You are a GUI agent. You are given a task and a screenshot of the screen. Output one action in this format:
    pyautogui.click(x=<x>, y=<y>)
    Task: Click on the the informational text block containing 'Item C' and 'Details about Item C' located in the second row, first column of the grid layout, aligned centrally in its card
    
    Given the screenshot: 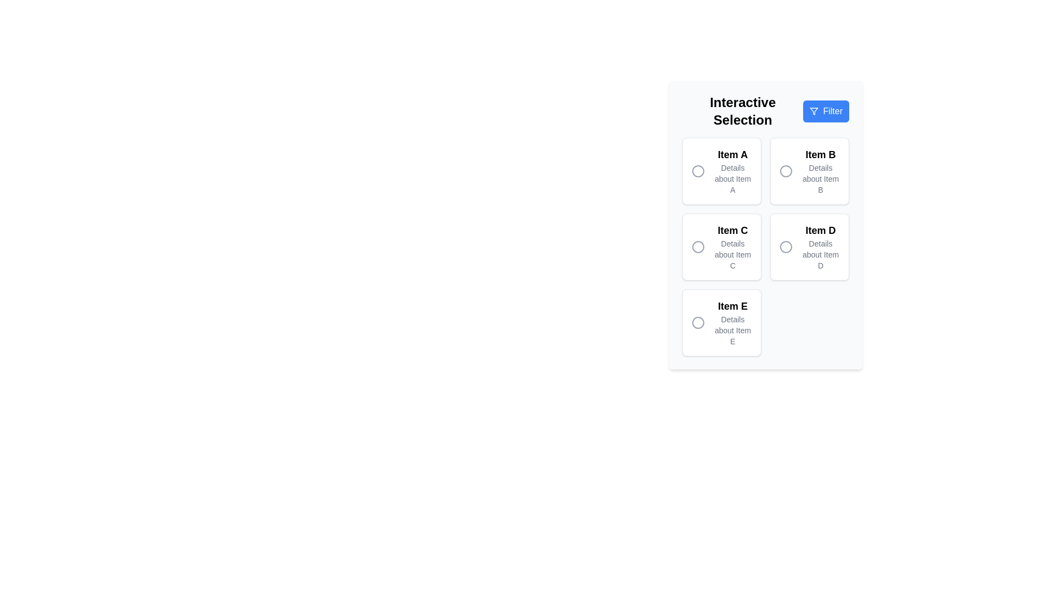 What is the action you would take?
    pyautogui.click(x=732, y=247)
    